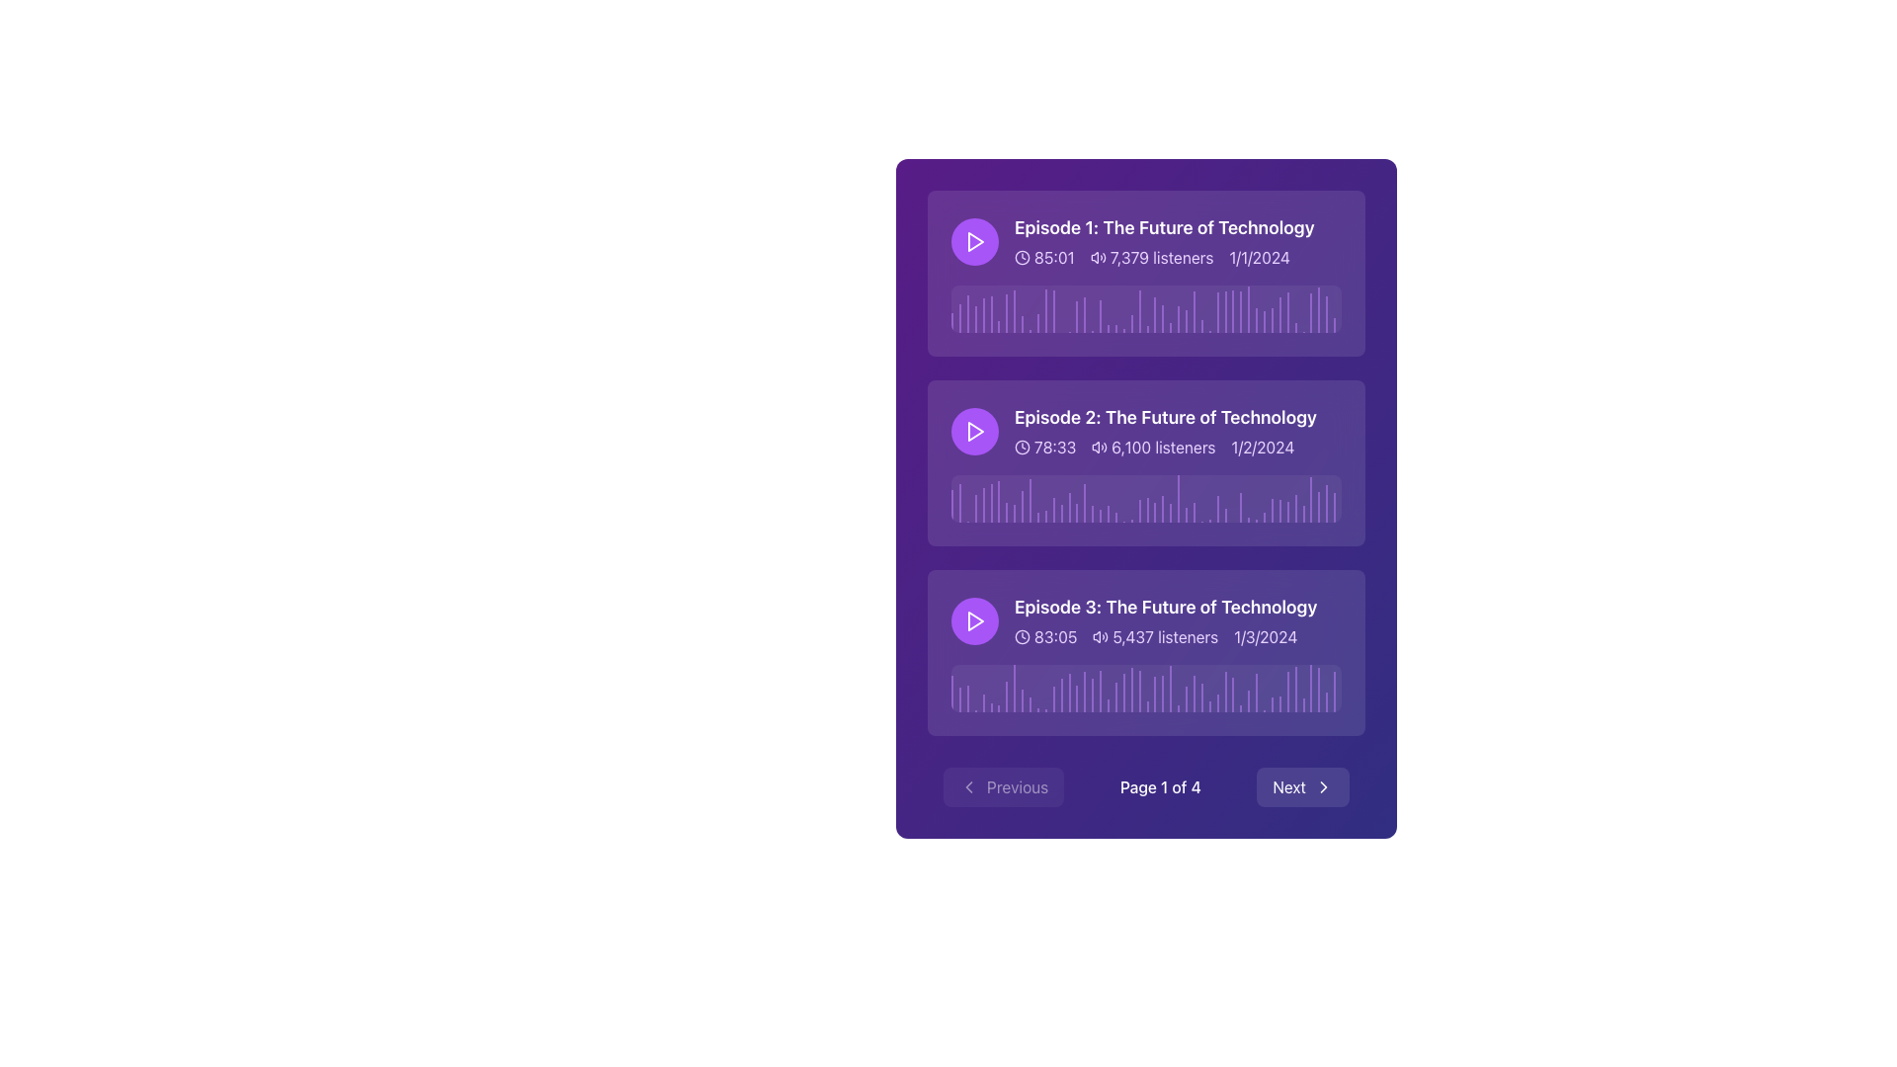 The image size is (1897, 1067). Describe the element at coordinates (1023, 257) in the screenshot. I see `the clock icon located at the top left of the first episode item in the vertical list, which signifies the time-related aspect of the content accompanied by the text '85:01'` at that location.